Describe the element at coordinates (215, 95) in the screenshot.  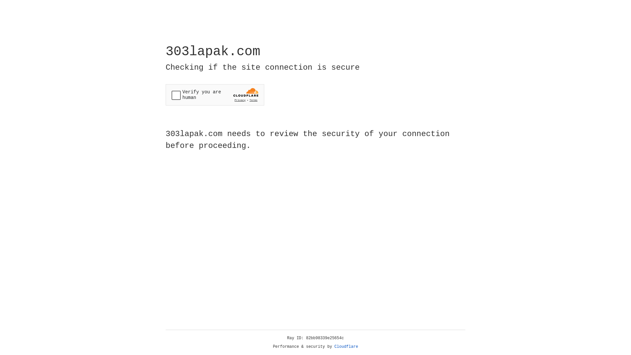
I see `'Widget containing a Cloudflare security challenge'` at that location.